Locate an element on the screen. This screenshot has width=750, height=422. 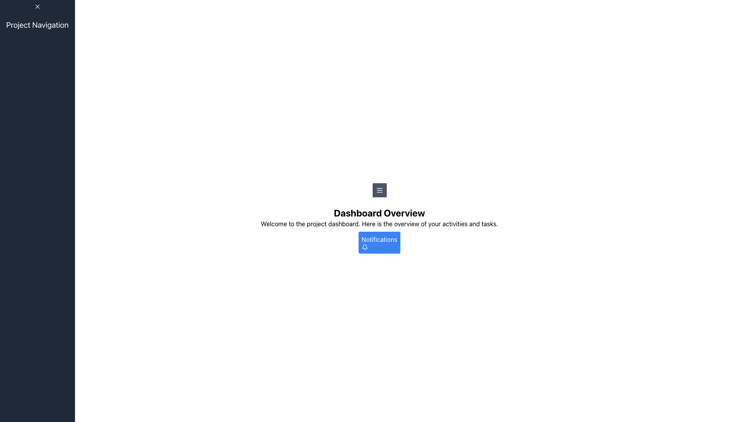
the Notifications button which features a simplistic bell icon with a light-colored outline is located at coordinates (364, 247).